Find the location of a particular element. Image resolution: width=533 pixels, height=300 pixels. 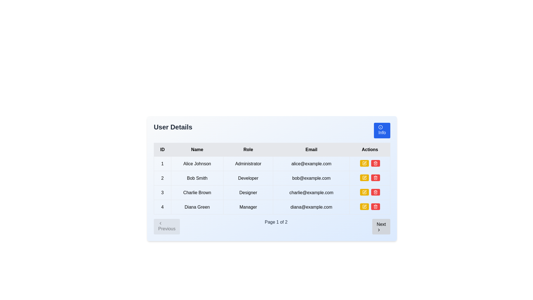

the row in the data table identified by the 'ID' column in the third row for related actions is located at coordinates (162, 192).